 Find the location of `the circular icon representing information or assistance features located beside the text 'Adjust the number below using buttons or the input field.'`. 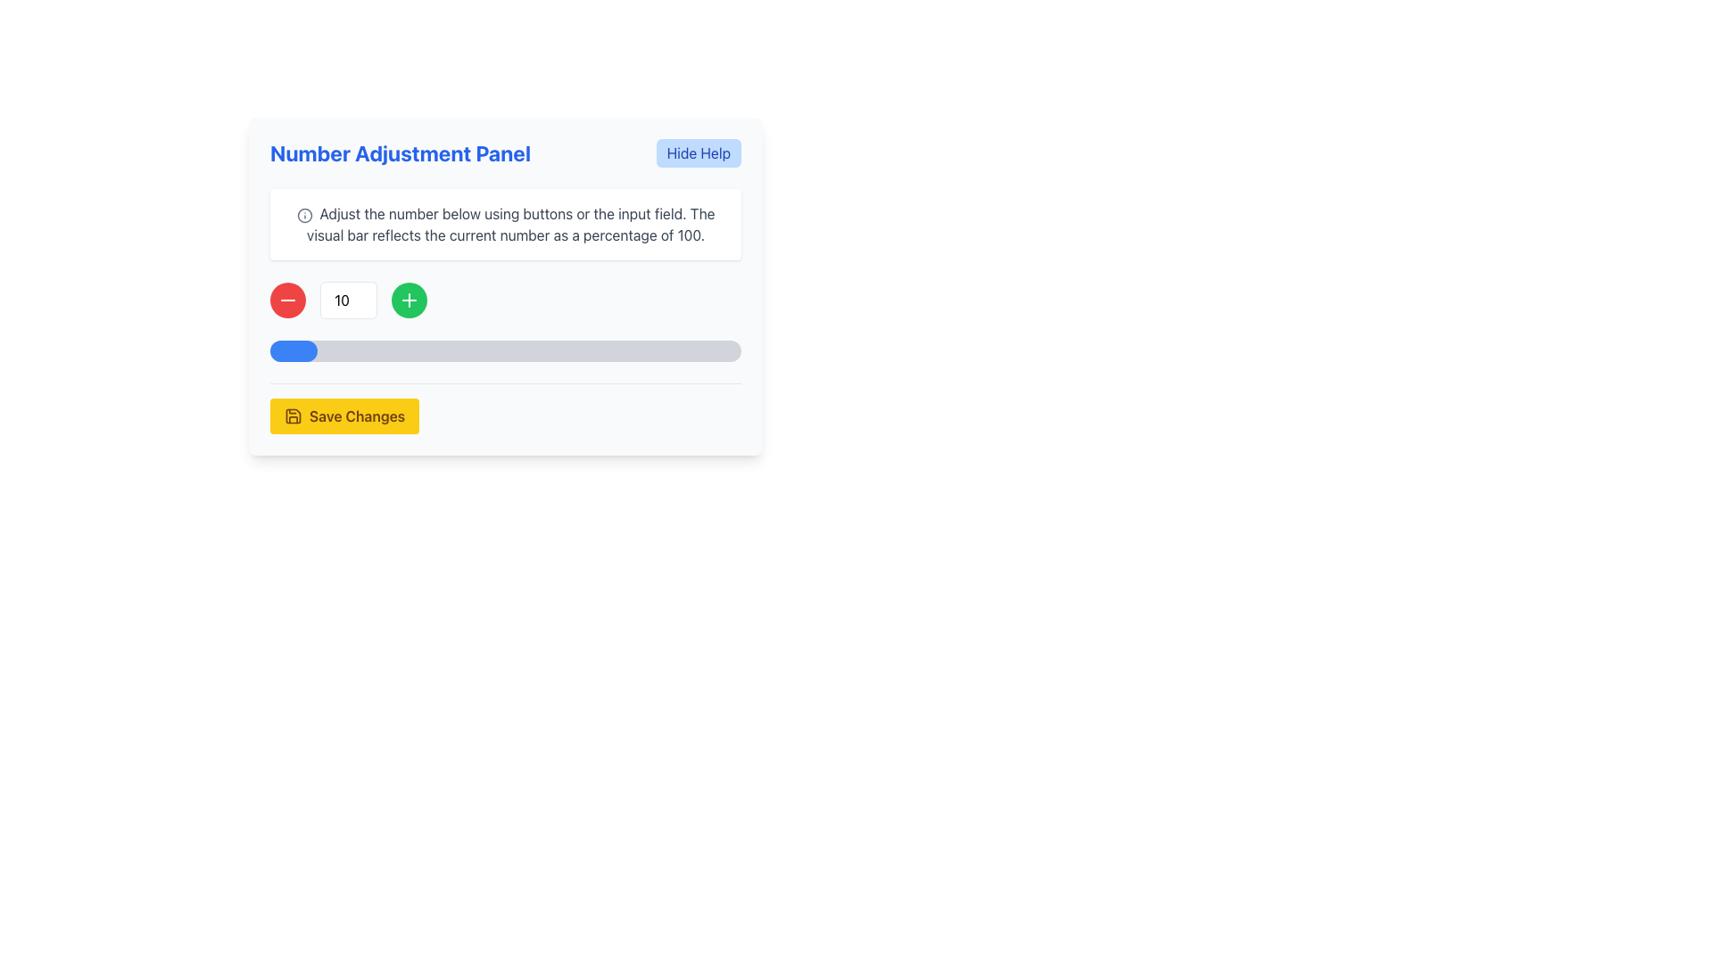

the circular icon representing information or assistance features located beside the text 'Adjust the number below using buttons or the input field.' is located at coordinates (304, 214).